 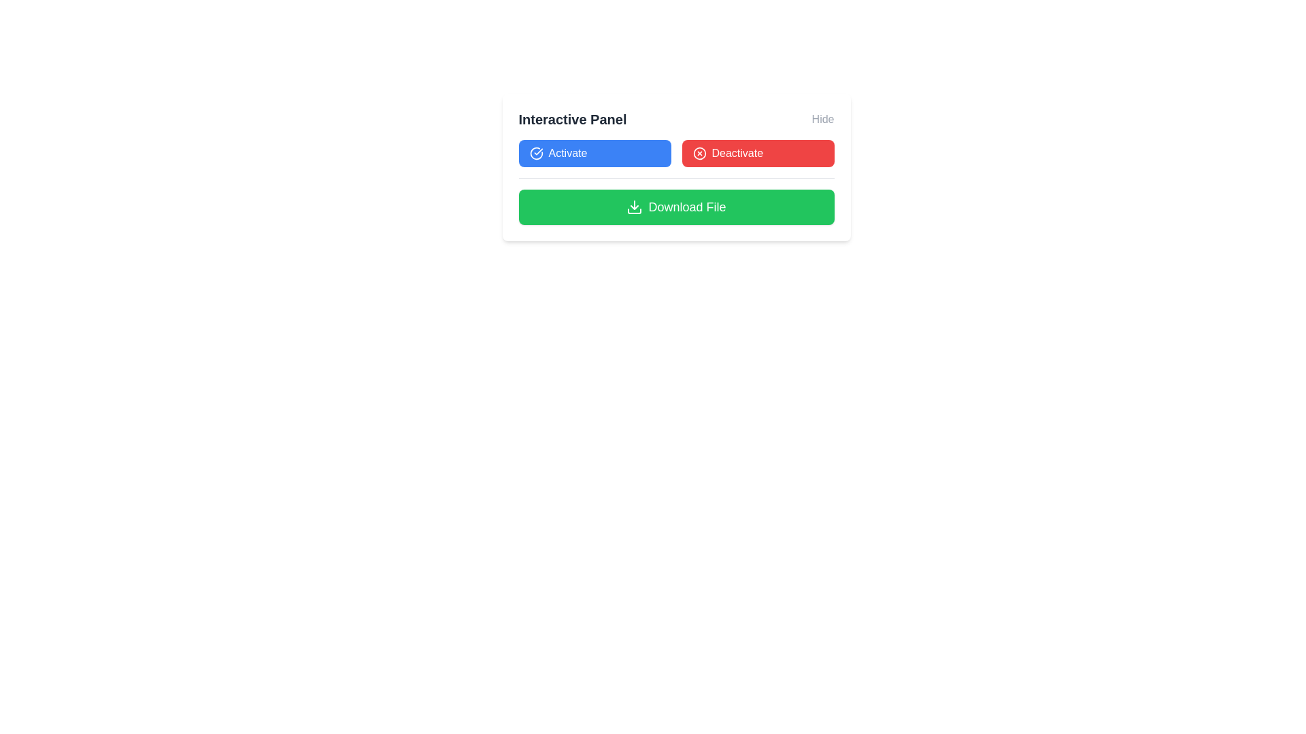 I want to click on the first button on the left in a paired button group, so click(x=595, y=153).